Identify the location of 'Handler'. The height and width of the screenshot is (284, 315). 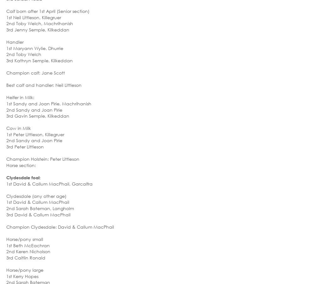
(15, 41).